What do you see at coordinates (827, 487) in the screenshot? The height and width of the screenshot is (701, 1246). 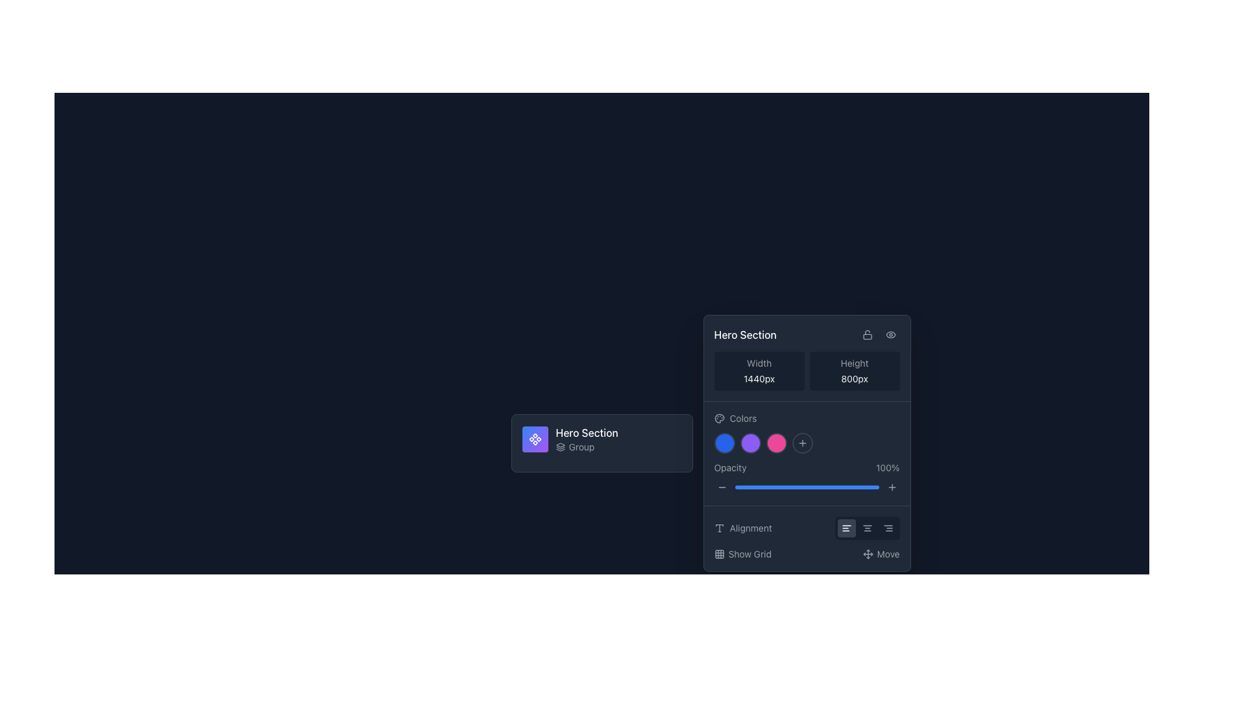 I see `slider` at bounding box center [827, 487].